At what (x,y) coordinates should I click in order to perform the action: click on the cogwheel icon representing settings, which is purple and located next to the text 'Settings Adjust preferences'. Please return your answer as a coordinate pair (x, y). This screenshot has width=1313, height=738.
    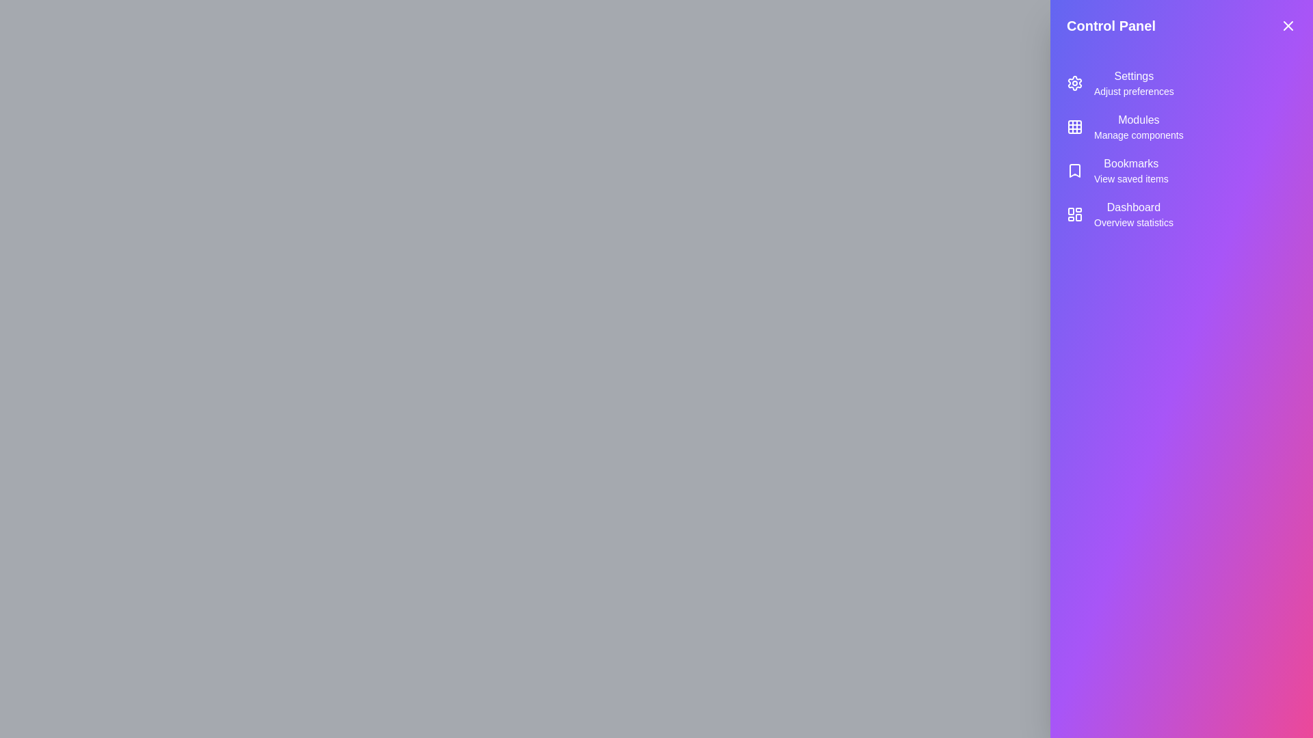
    Looking at the image, I should click on (1074, 83).